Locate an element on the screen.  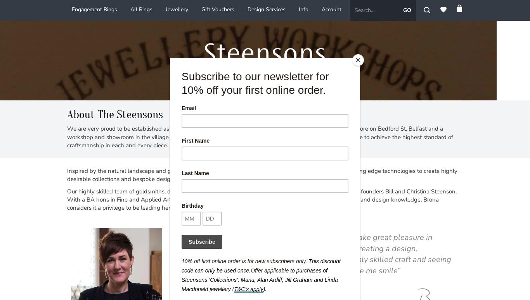
'Gift Vouchers' is located at coordinates (201, 9).